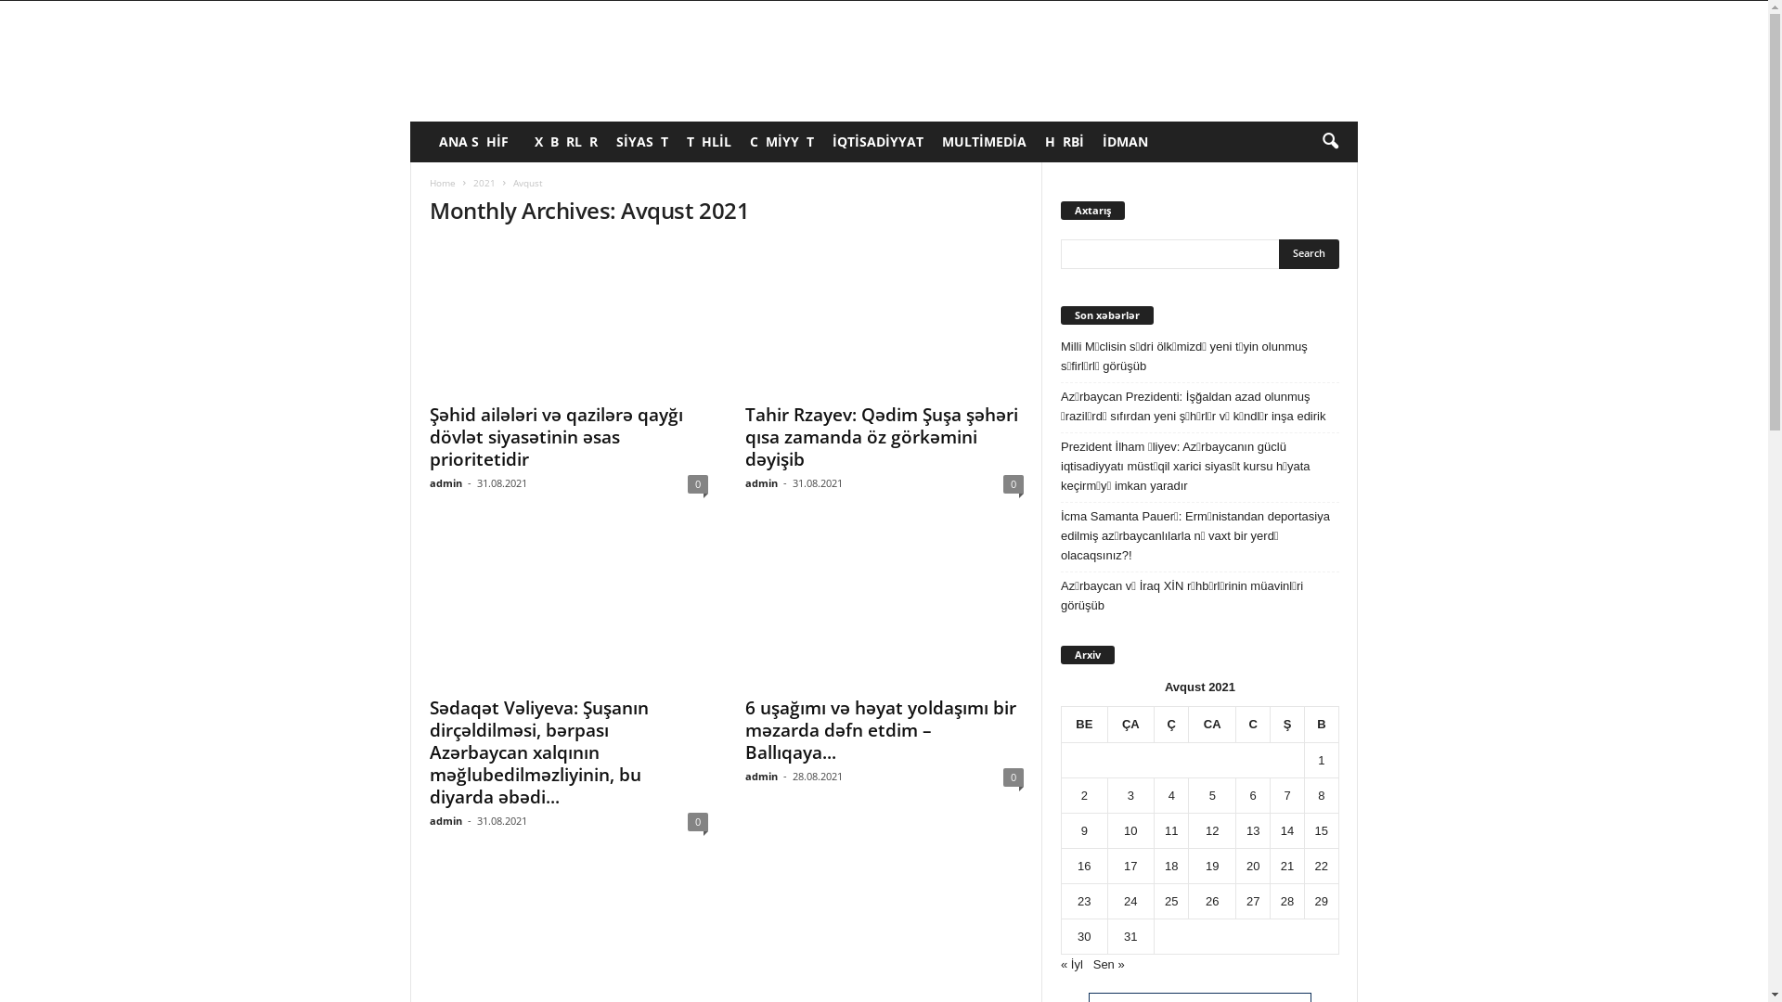  Describe the element at coordinates (1320, 794) in the screenshot. I see `'8'` at that location.